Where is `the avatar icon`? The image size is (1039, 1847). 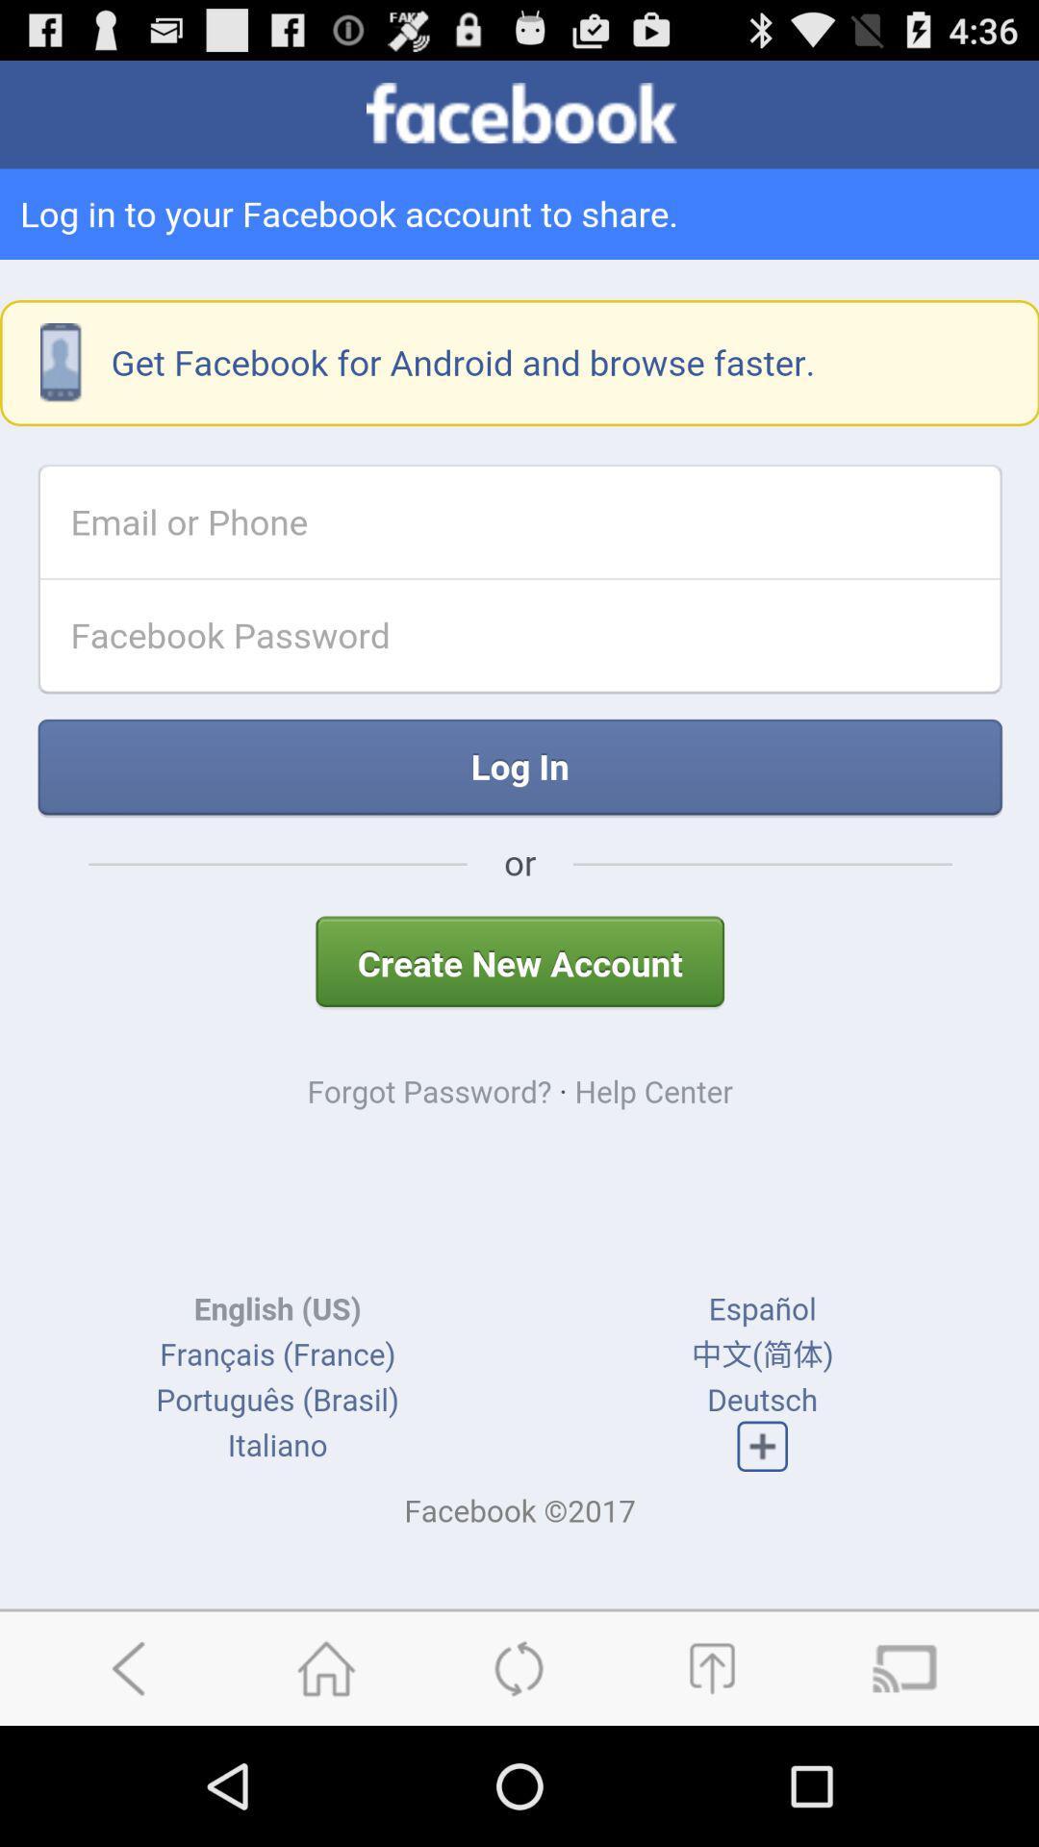 the avatar icon is located at coordinates (711, 1784).